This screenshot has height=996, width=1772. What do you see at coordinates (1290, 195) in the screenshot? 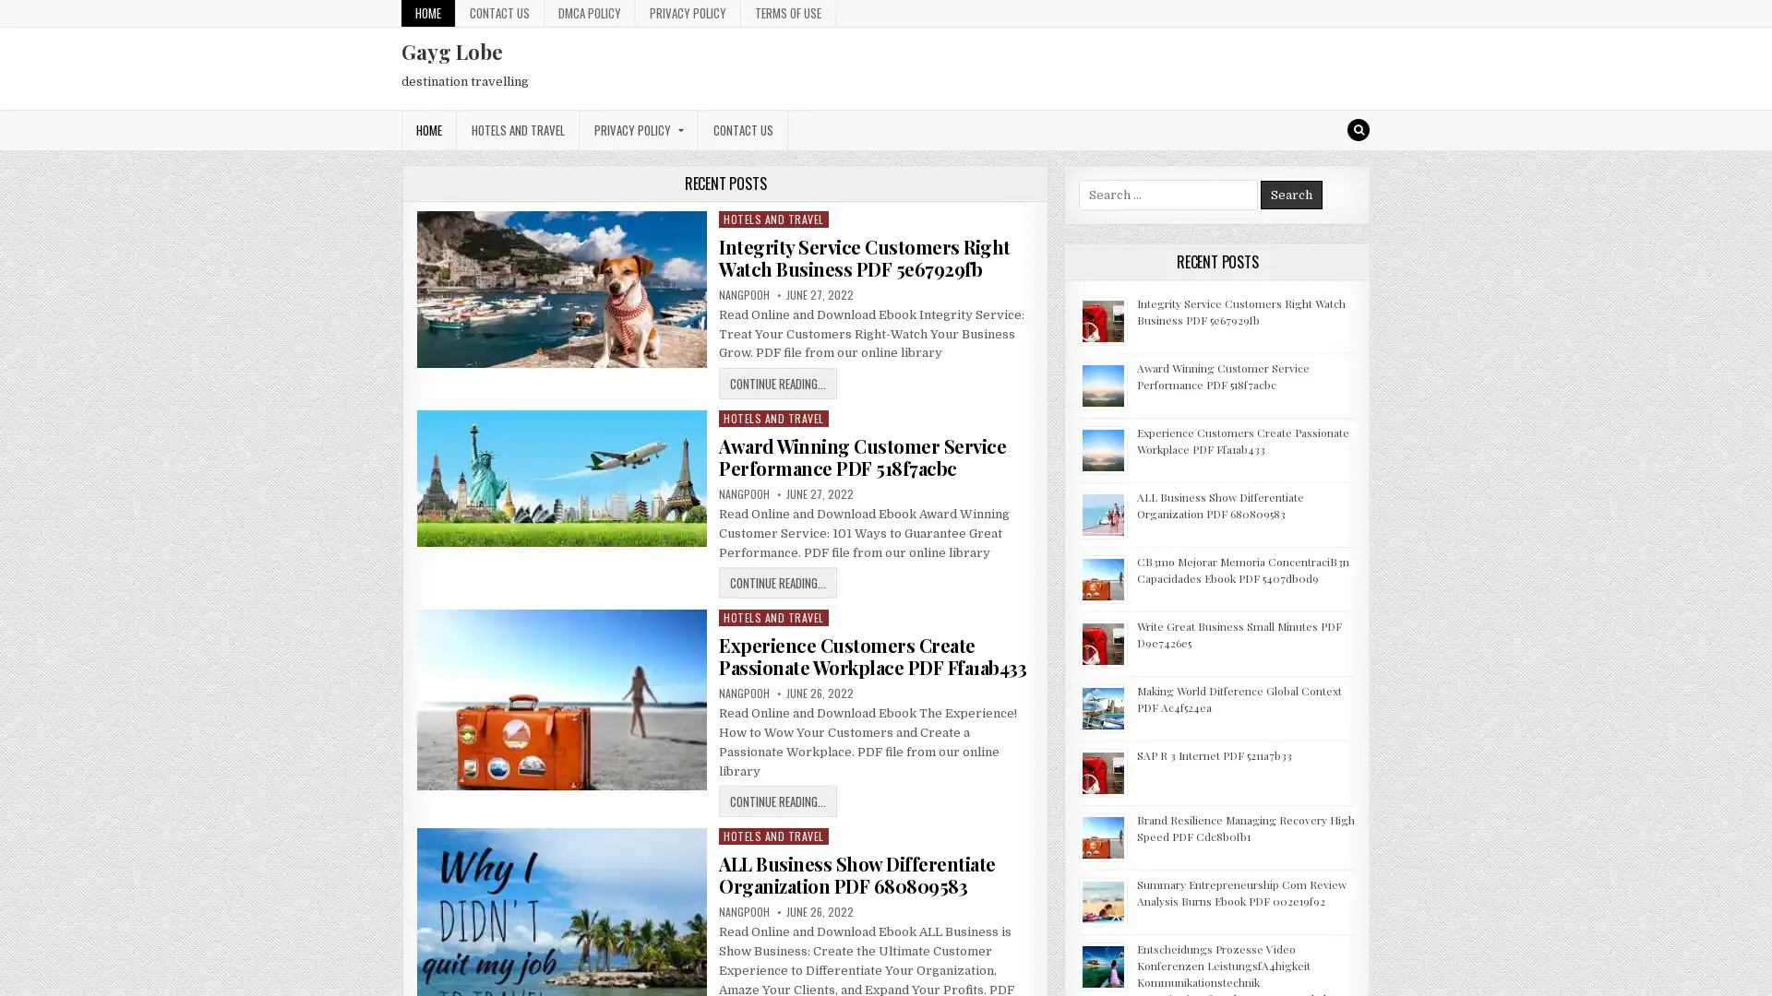
I see `Search` at bounding box center [1290, 195].